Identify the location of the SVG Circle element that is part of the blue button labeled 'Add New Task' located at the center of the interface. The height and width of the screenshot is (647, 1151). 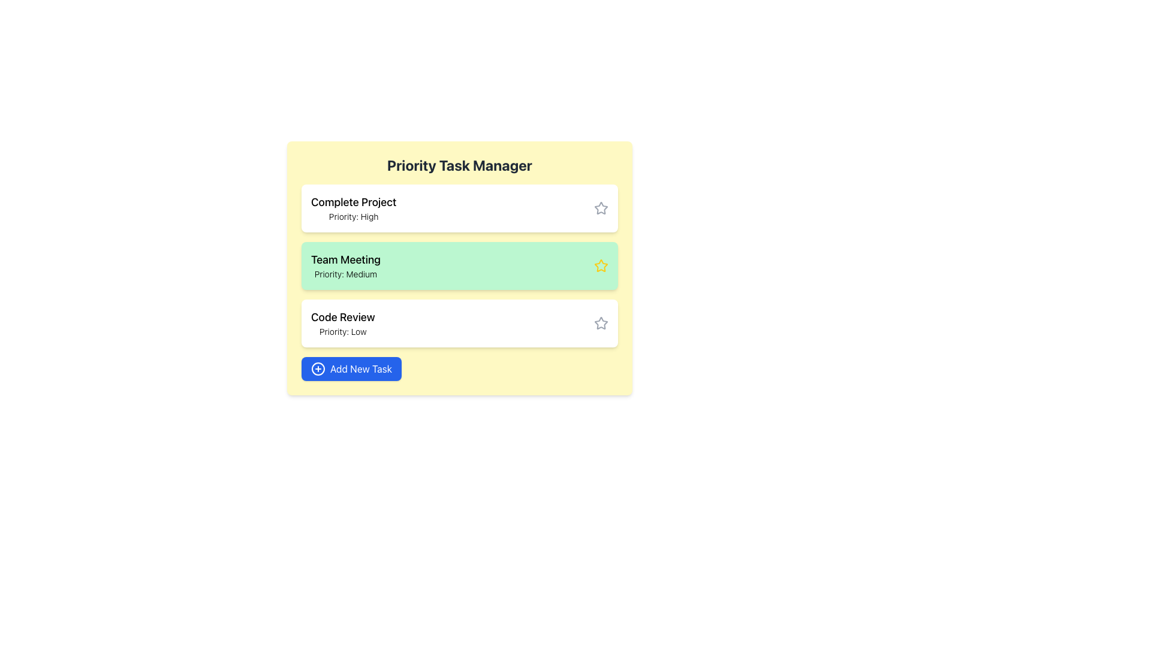
(318, 368).